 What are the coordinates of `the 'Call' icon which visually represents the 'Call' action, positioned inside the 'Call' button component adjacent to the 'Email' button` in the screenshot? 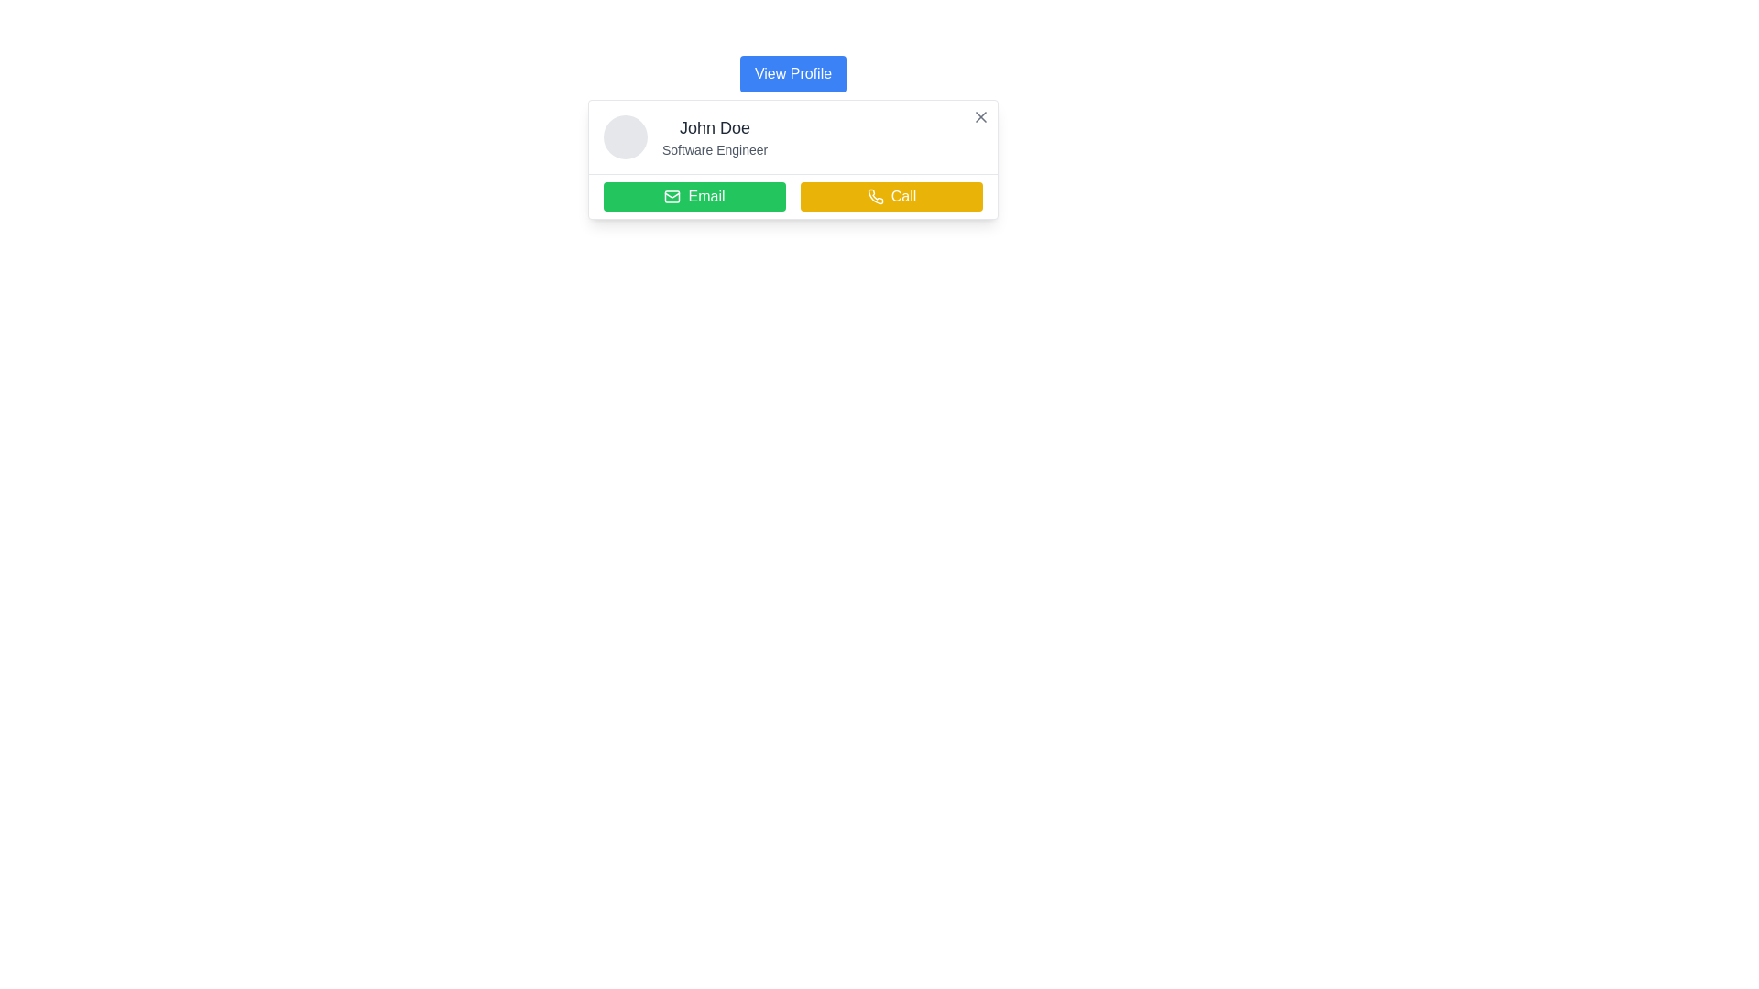 It's located at (874, 197).